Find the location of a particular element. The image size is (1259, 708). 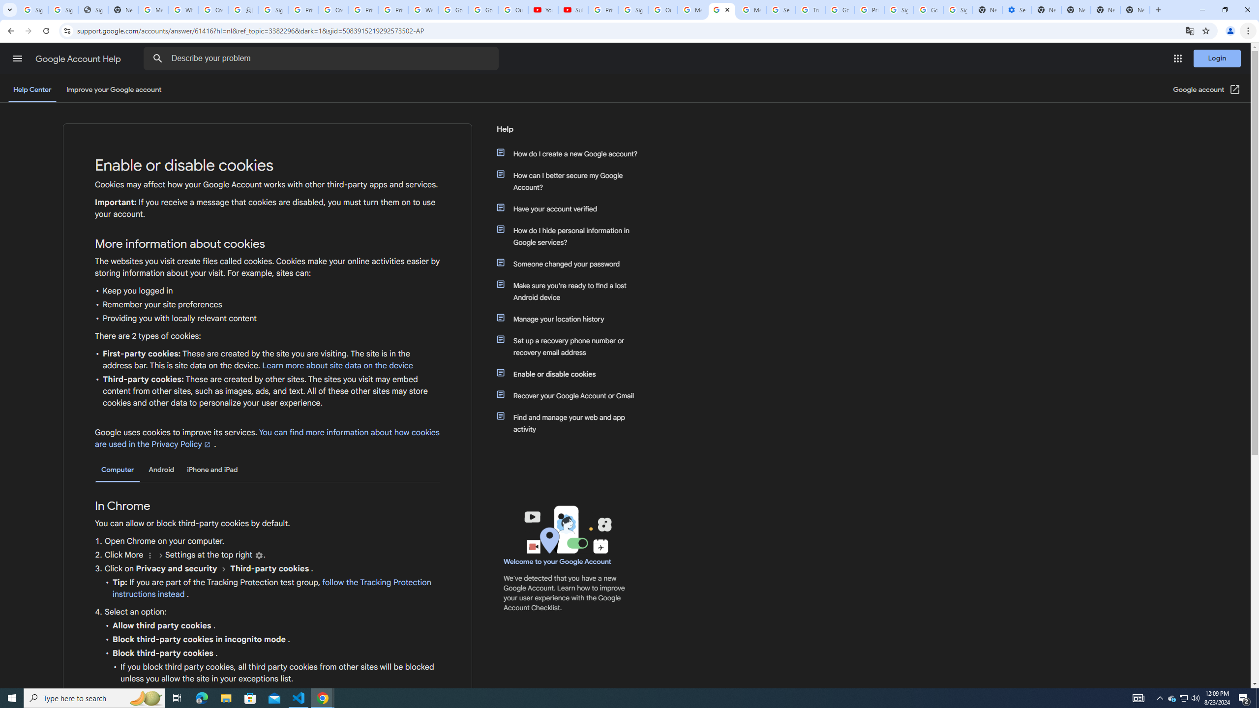

'Settings - Performance' is located at coordinates (1017, 9).